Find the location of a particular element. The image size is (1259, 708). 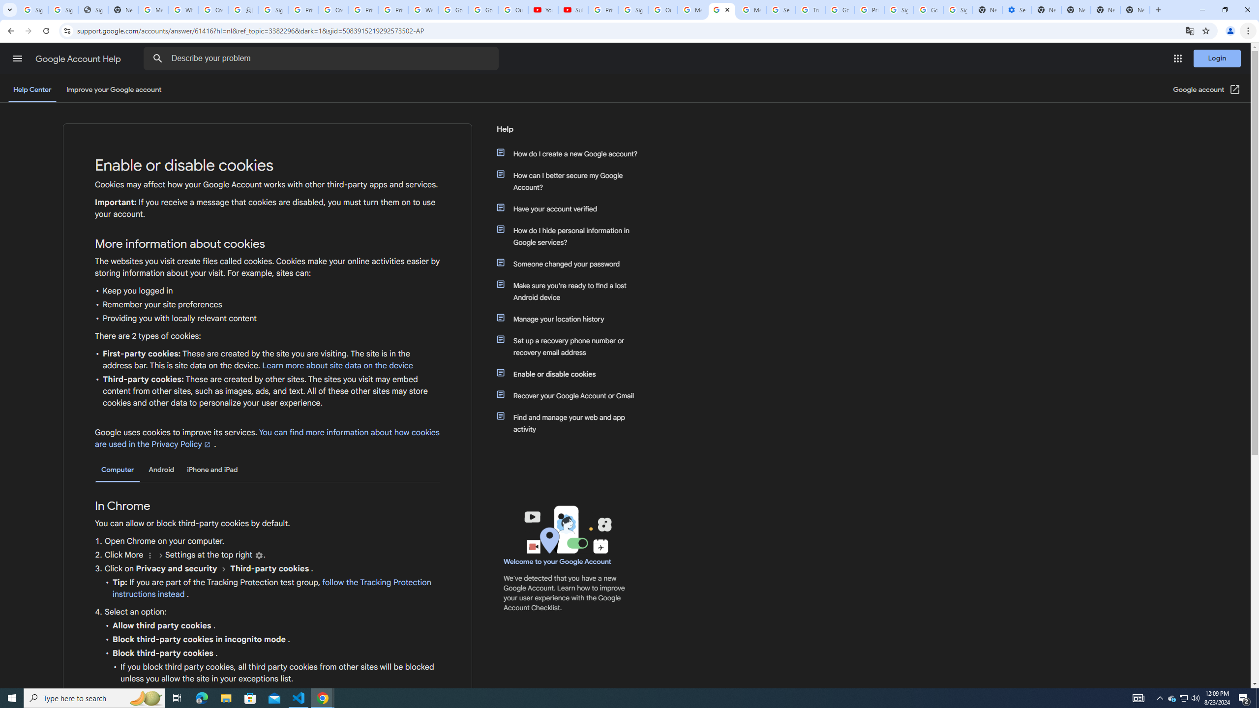

'Settings - Performance' is located at coordinates (1017, 9).